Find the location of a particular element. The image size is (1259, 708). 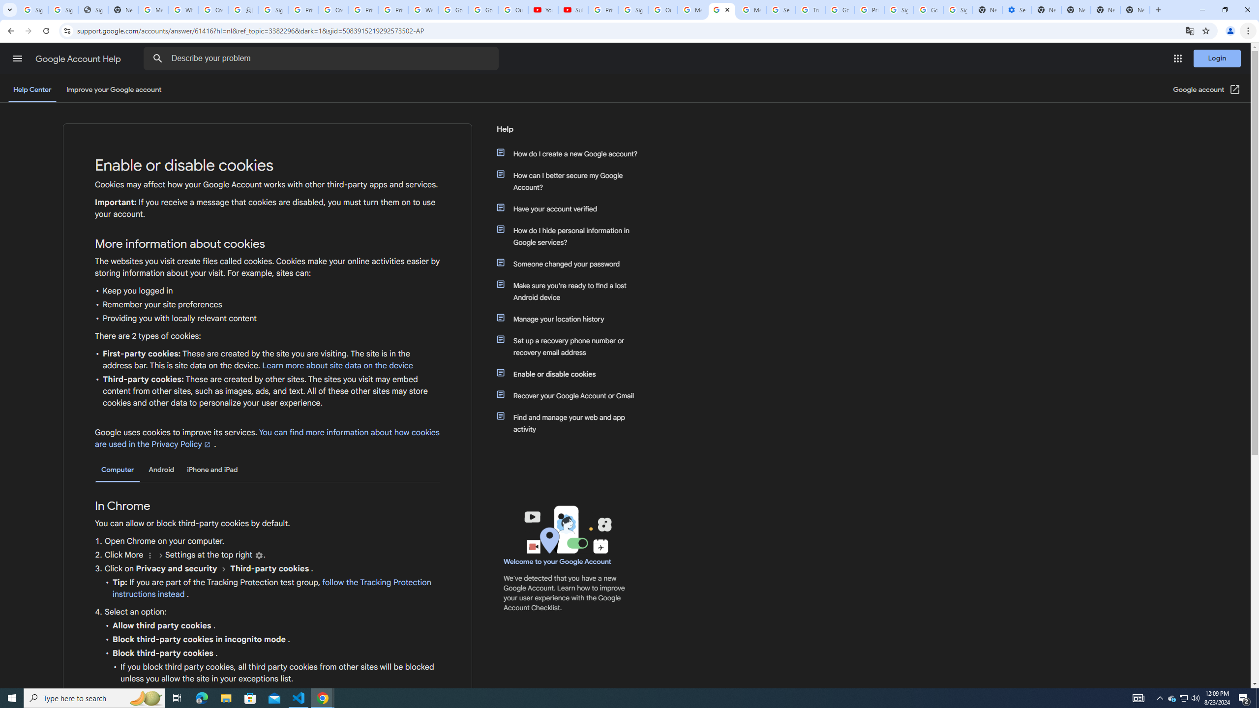

'Settings - Performance' is located at coordinates (1017, 9).